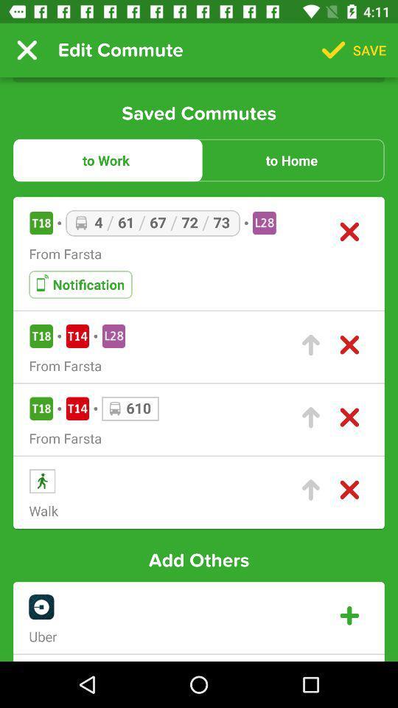 The image size is (398, 708). Describe the element at coordinates (80, 284) in the screenshot. I see `the notification icon` at that location.